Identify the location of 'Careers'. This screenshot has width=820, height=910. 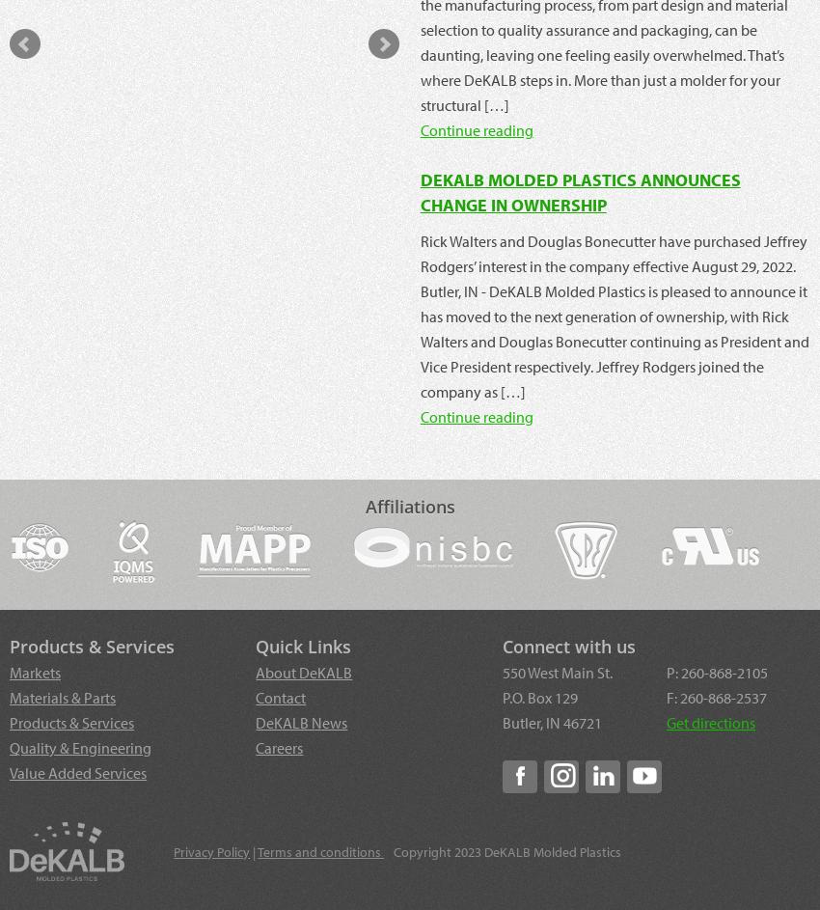
(278, 747).